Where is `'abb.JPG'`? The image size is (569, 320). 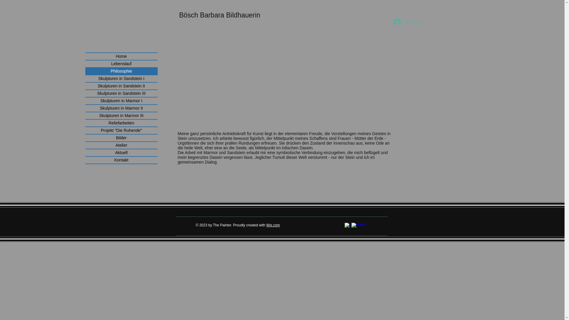 'abb.JPG' is located at coordinates (267, 75).